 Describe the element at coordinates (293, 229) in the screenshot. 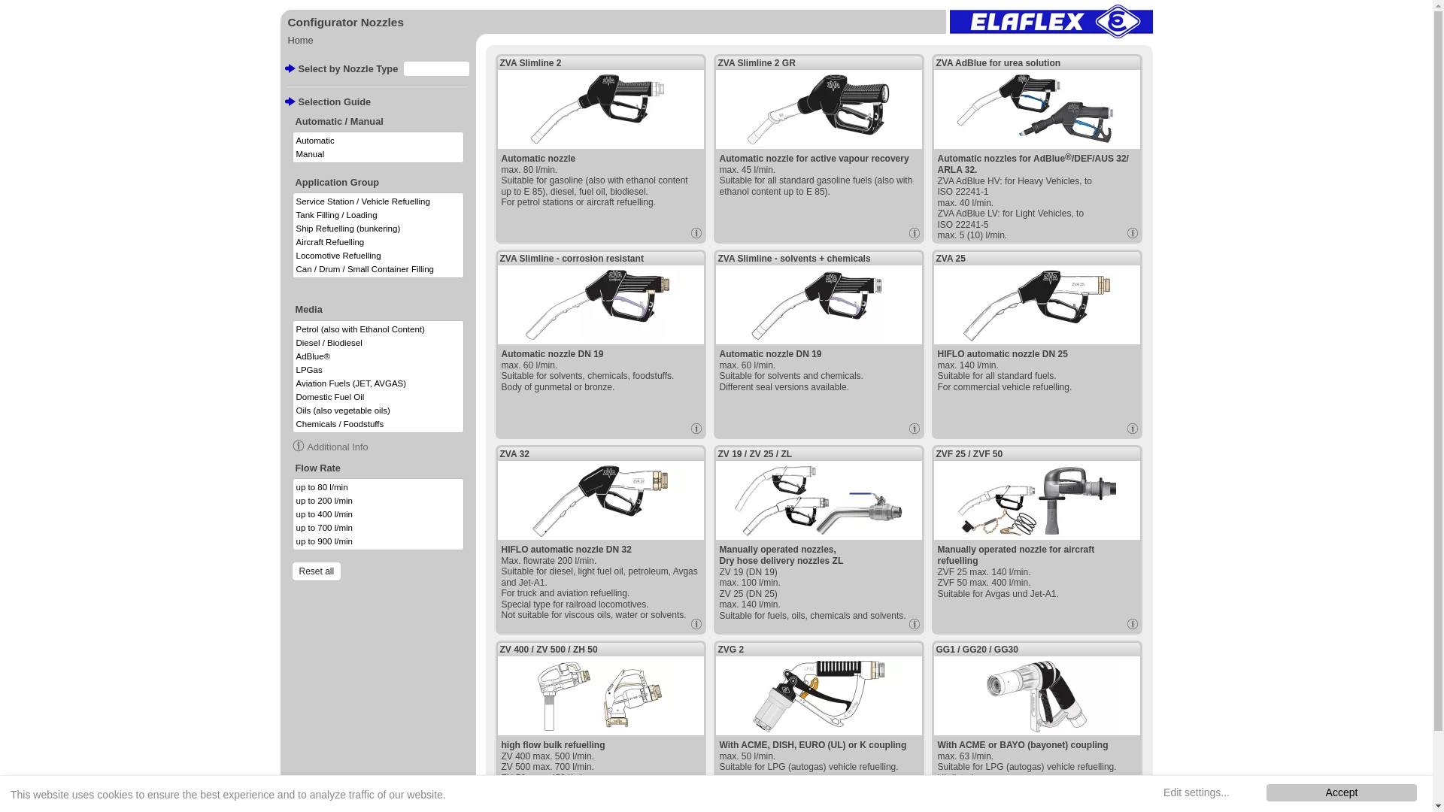

I see `'Ship Refuelling (bunkering)'` at that location.